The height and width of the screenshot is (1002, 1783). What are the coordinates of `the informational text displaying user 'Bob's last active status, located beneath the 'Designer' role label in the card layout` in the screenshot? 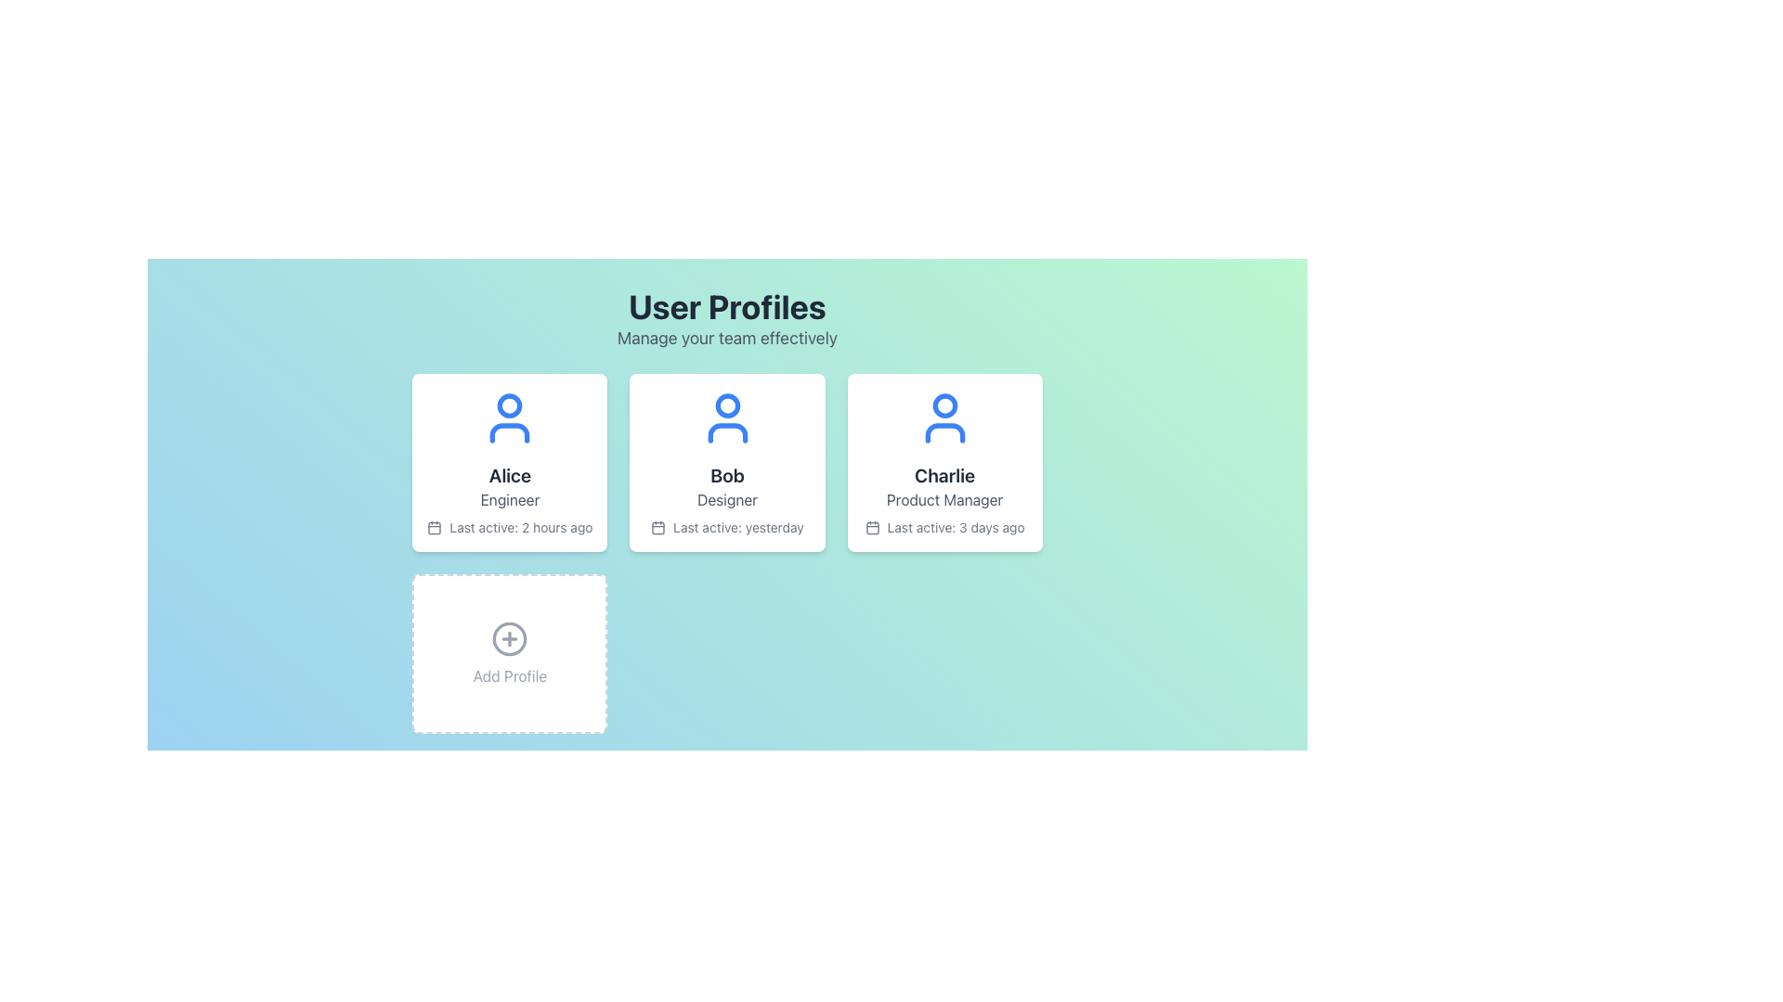 It's located at (726, 528).